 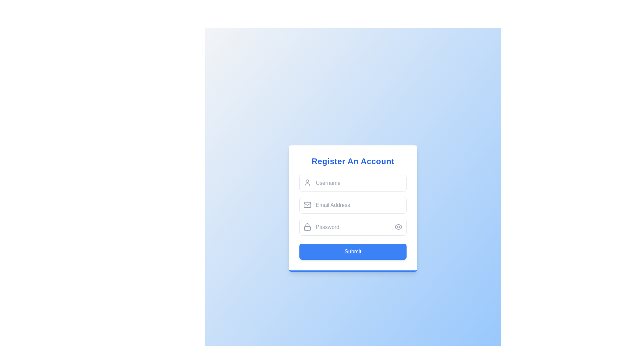 What do you see at coordinates (353, 251) in the screenshot?
I see `the rectangular blue 'Submit' button located at the bottom of the registration form` at bounding box center [353, 251].